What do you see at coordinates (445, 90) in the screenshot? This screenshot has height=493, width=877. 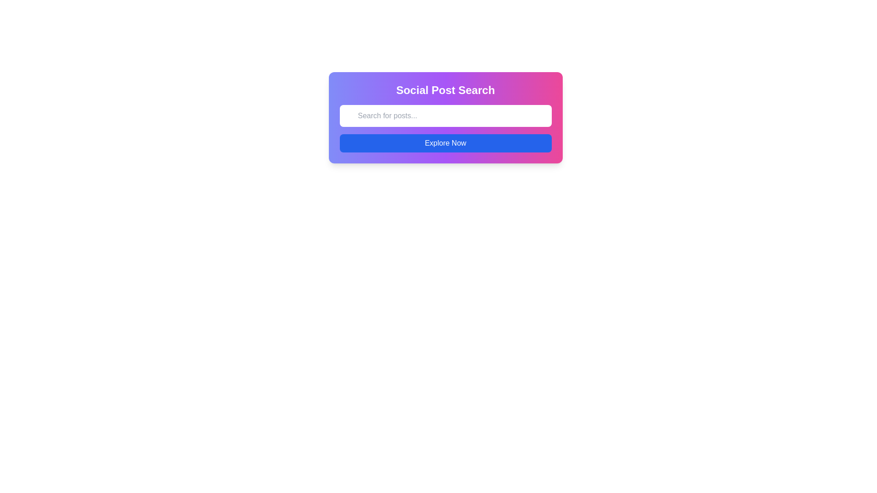 I see `the text heading element displaying 'Social Post Search' in bold white font on a gradient background` at bounding box center [445, 90].